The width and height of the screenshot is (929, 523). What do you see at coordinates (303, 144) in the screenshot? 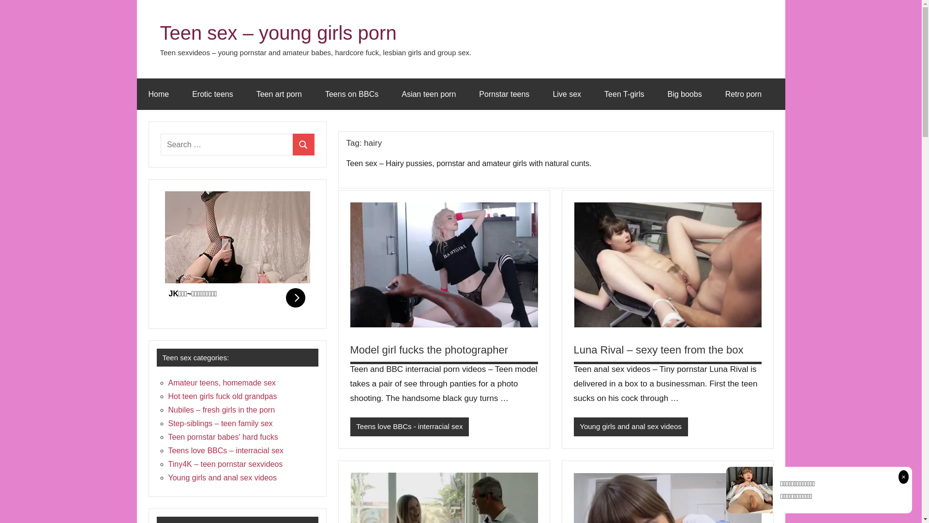
I see `'Search'` at bounding box center [303, 144].